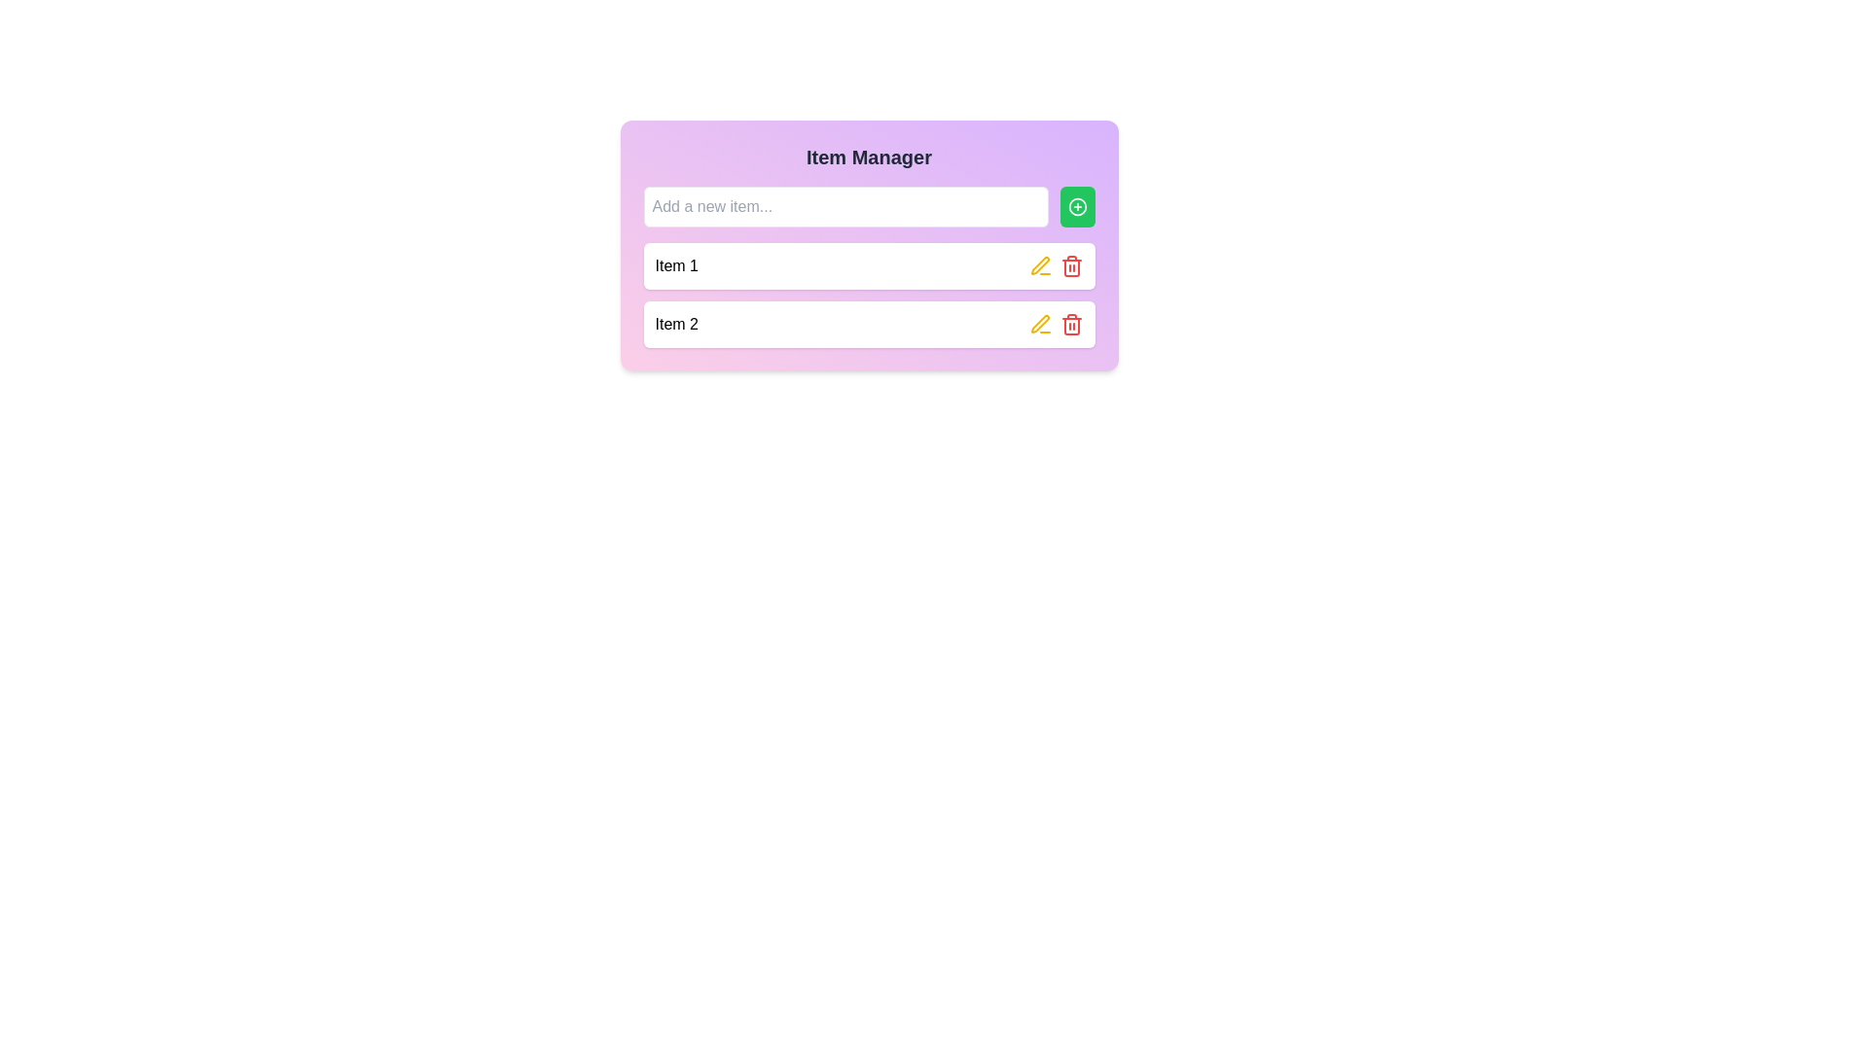 This screenshot has width=1868, height=1050. I want to click on the bright yellow pen icon located next to the delete icon in the bottom row of the item list, so click(1039, 265).